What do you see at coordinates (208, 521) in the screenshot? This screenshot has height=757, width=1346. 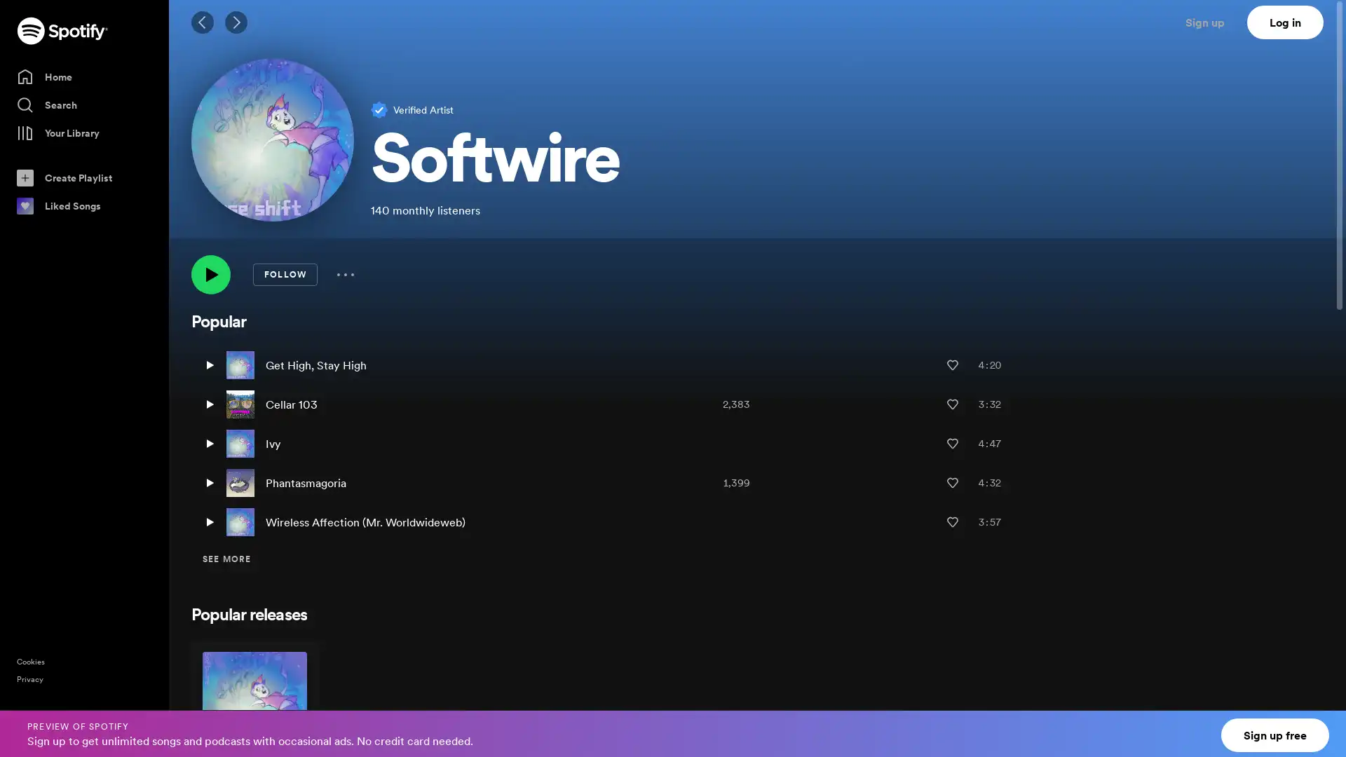 I see `Play Wireless Affection (Mr. Worldwideweb) by Softwire` at bounding box center [208, 521].